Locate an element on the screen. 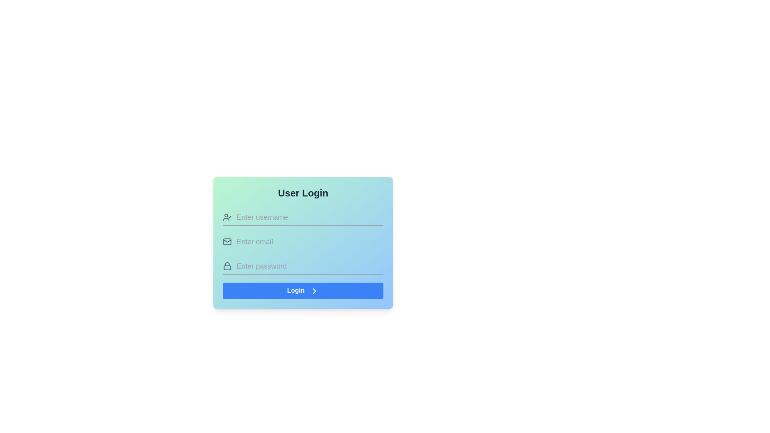  the grey padlock icon located to the left of the password input field in the third row of the login form is located at coordinates (227, 266).